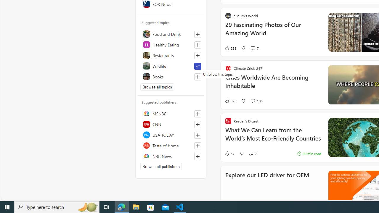 The image size is (379, 213). Describe the element at coordinates (171, 55) in the screenshot. I see `'Restaurants'` at that location.